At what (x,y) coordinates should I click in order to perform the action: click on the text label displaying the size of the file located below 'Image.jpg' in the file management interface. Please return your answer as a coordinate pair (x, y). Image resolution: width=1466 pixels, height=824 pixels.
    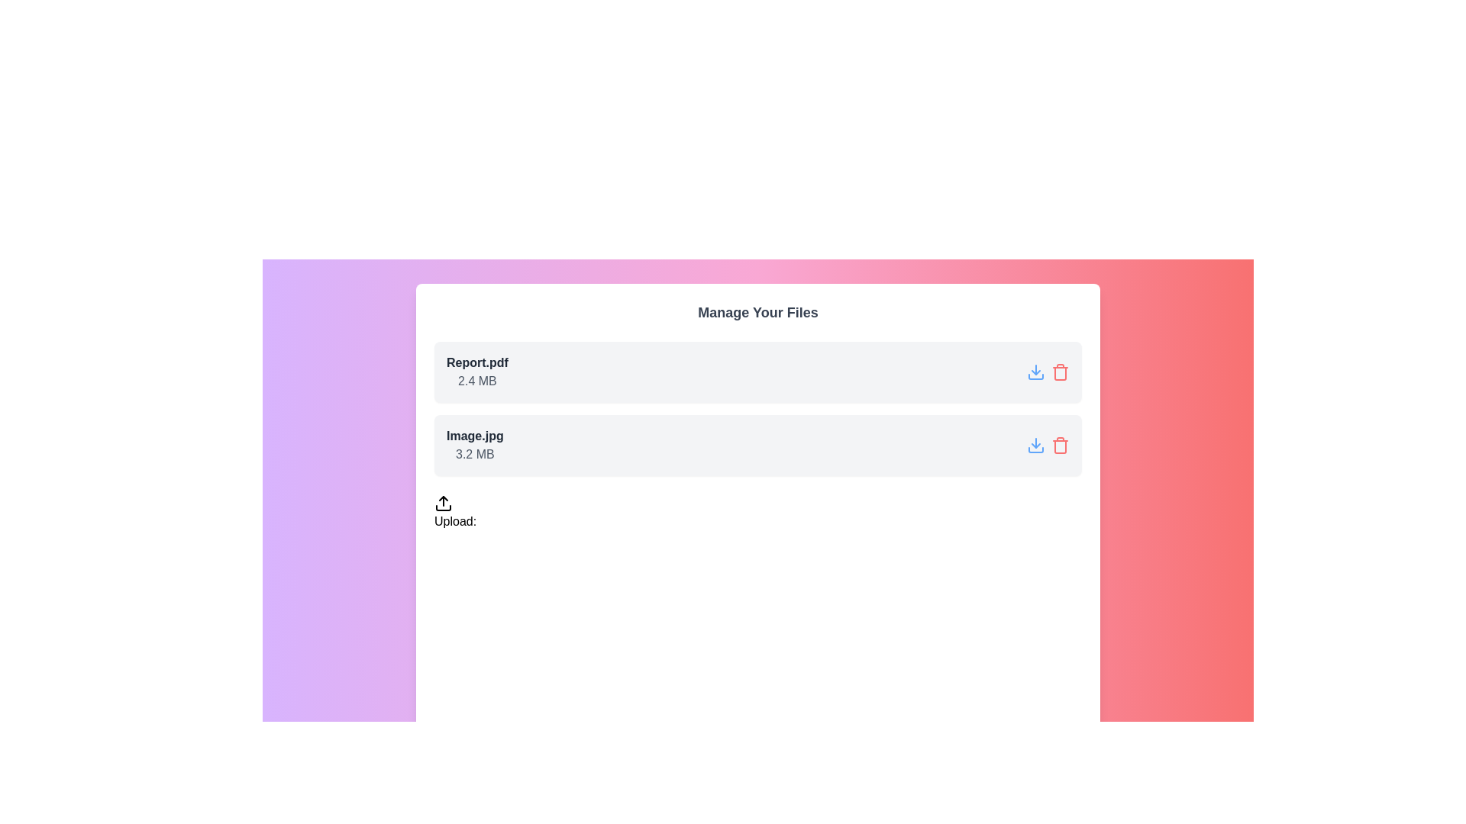
    Looking at the image, I should click on (474, 454).